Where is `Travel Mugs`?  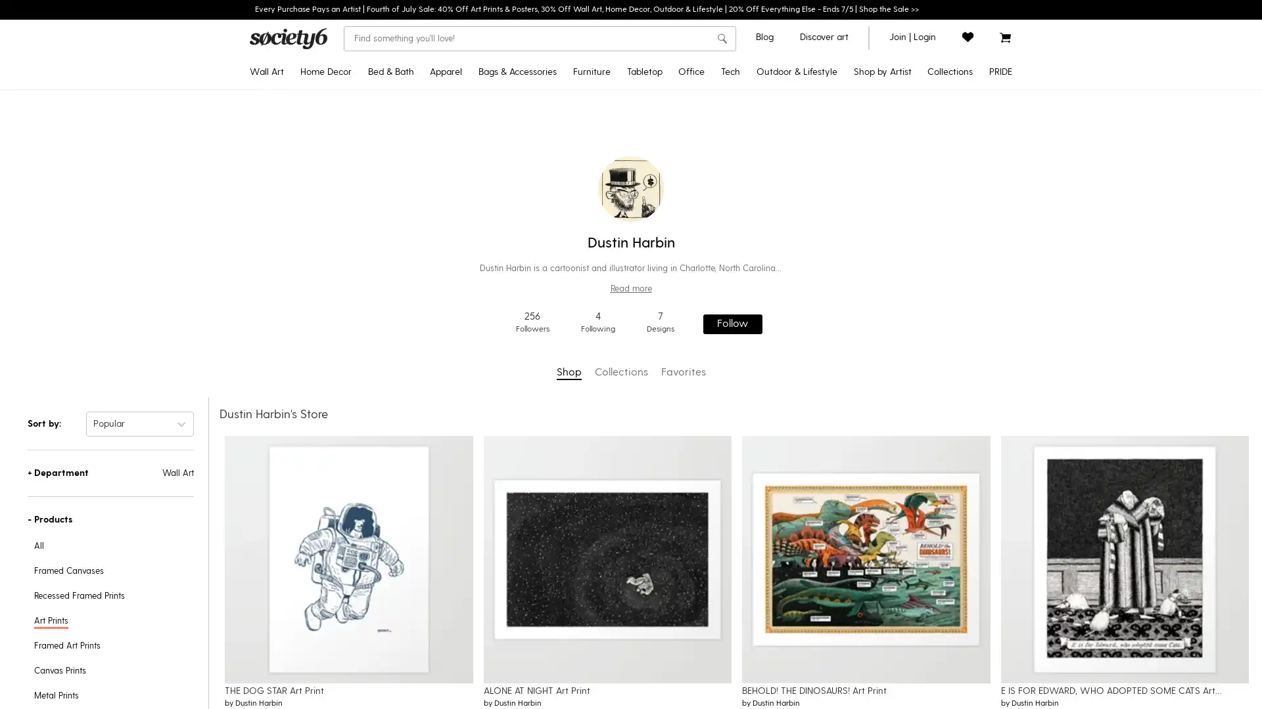 Travel Mugs is located at coordinates (668, 126).